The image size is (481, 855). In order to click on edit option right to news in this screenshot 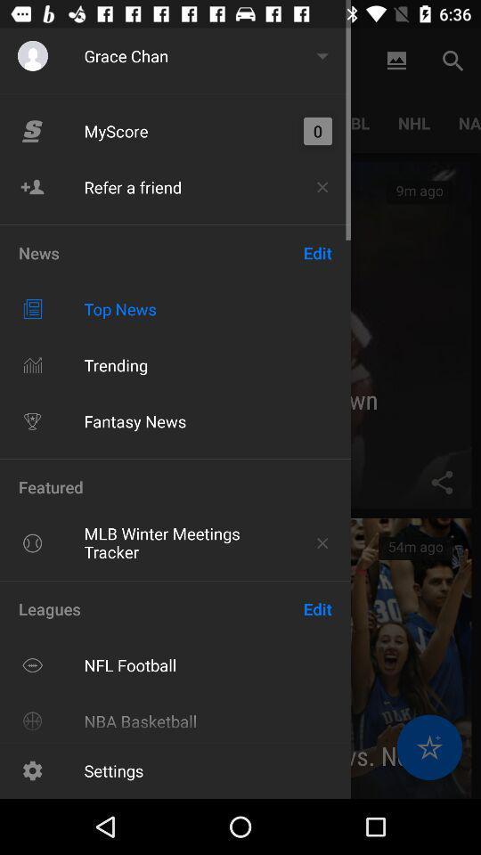, I will do `click(316, 252)`.